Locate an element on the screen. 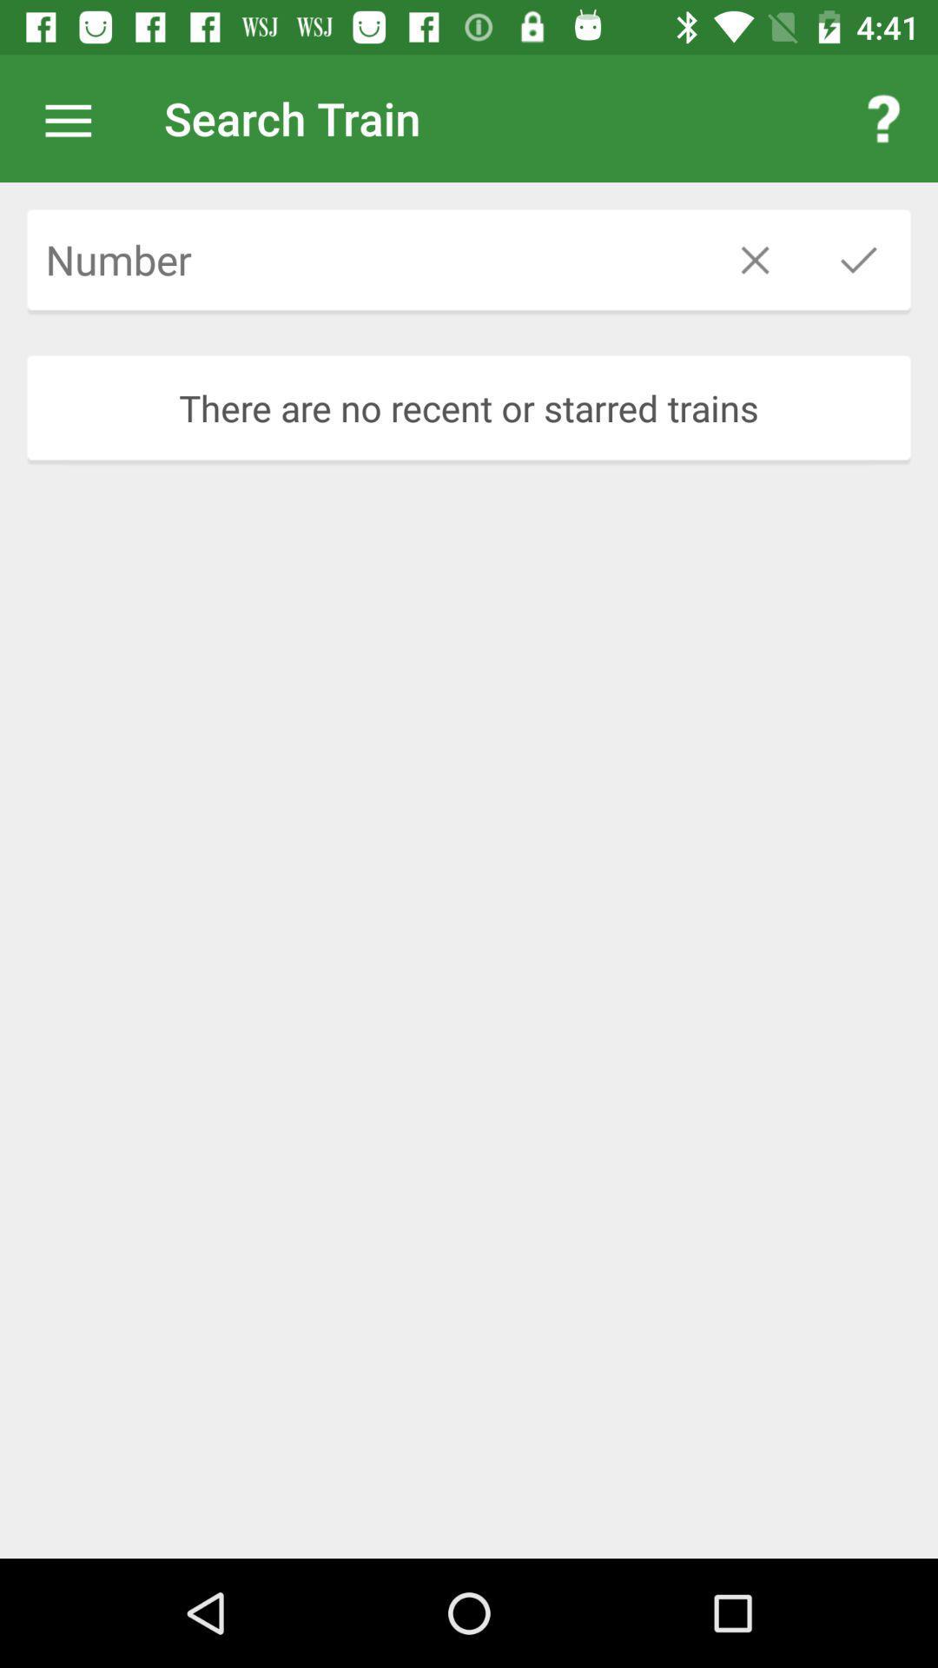 The image size is (938, 1668). there are no item is located at coordinates (469, 407).